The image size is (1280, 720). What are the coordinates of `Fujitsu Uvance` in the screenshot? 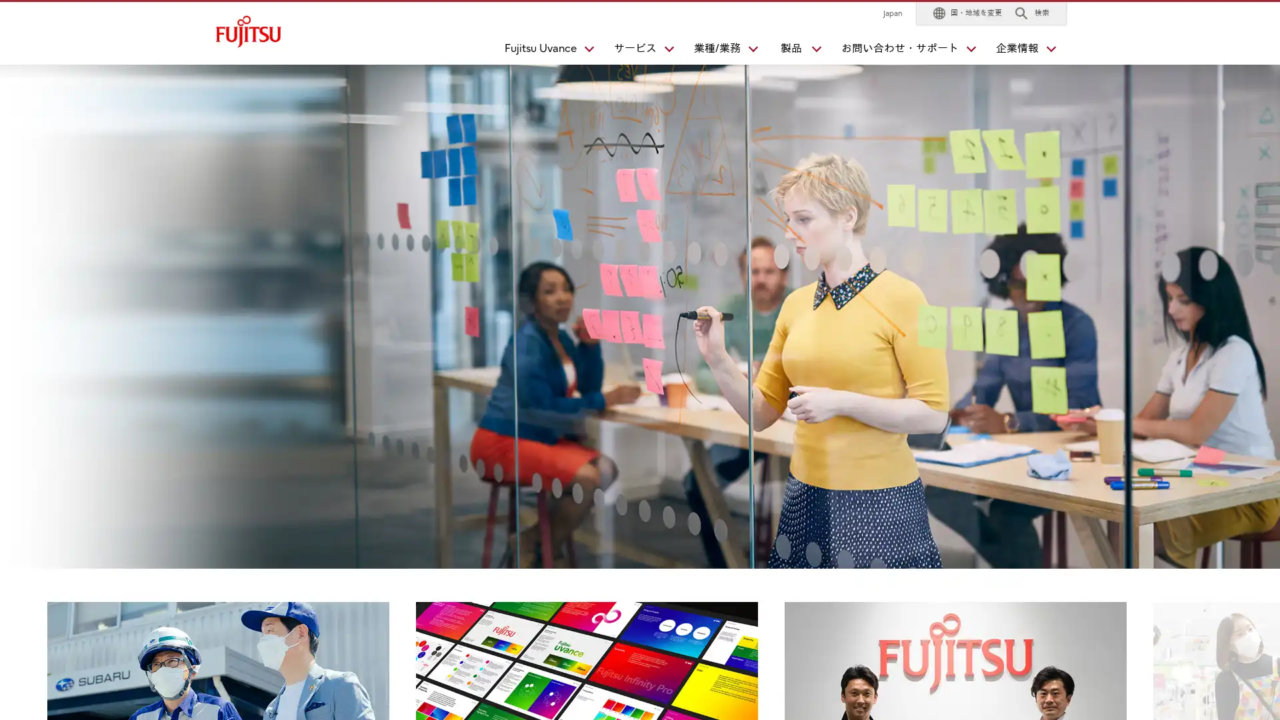 It's located at (543, 51).